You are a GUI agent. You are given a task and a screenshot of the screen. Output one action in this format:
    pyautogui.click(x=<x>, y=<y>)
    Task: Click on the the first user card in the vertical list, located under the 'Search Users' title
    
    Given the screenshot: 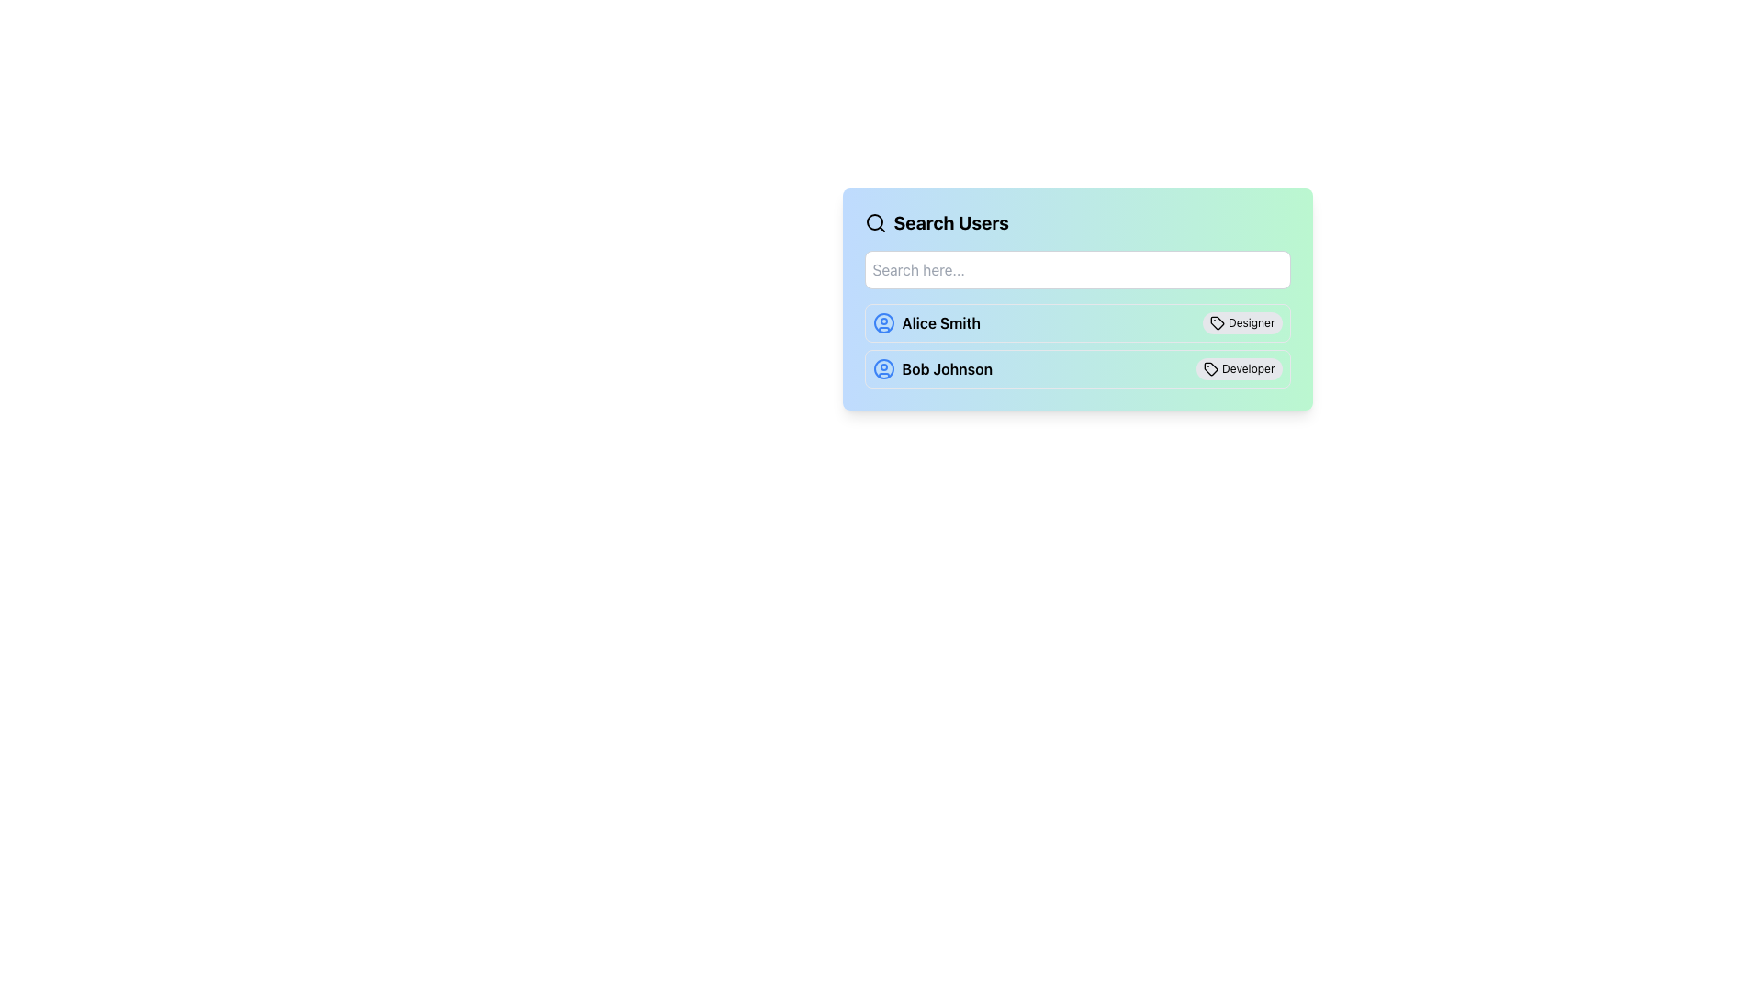 What is the action you would take?
    pyautogui.click(x=1077, y=321)
    